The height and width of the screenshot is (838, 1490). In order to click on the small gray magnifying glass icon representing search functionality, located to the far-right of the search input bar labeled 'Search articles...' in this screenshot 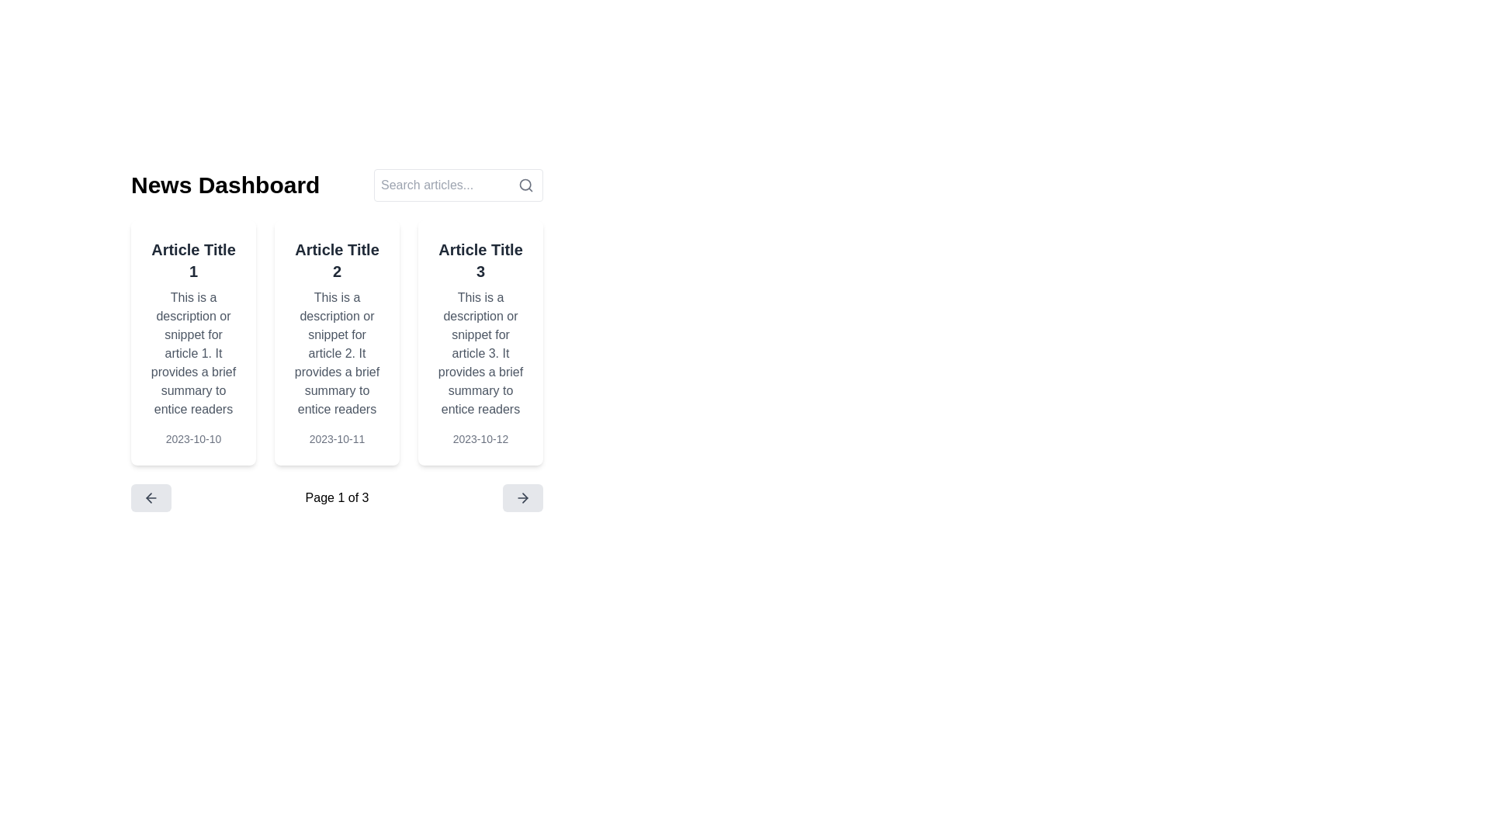, I will do `click(525, 185)`.